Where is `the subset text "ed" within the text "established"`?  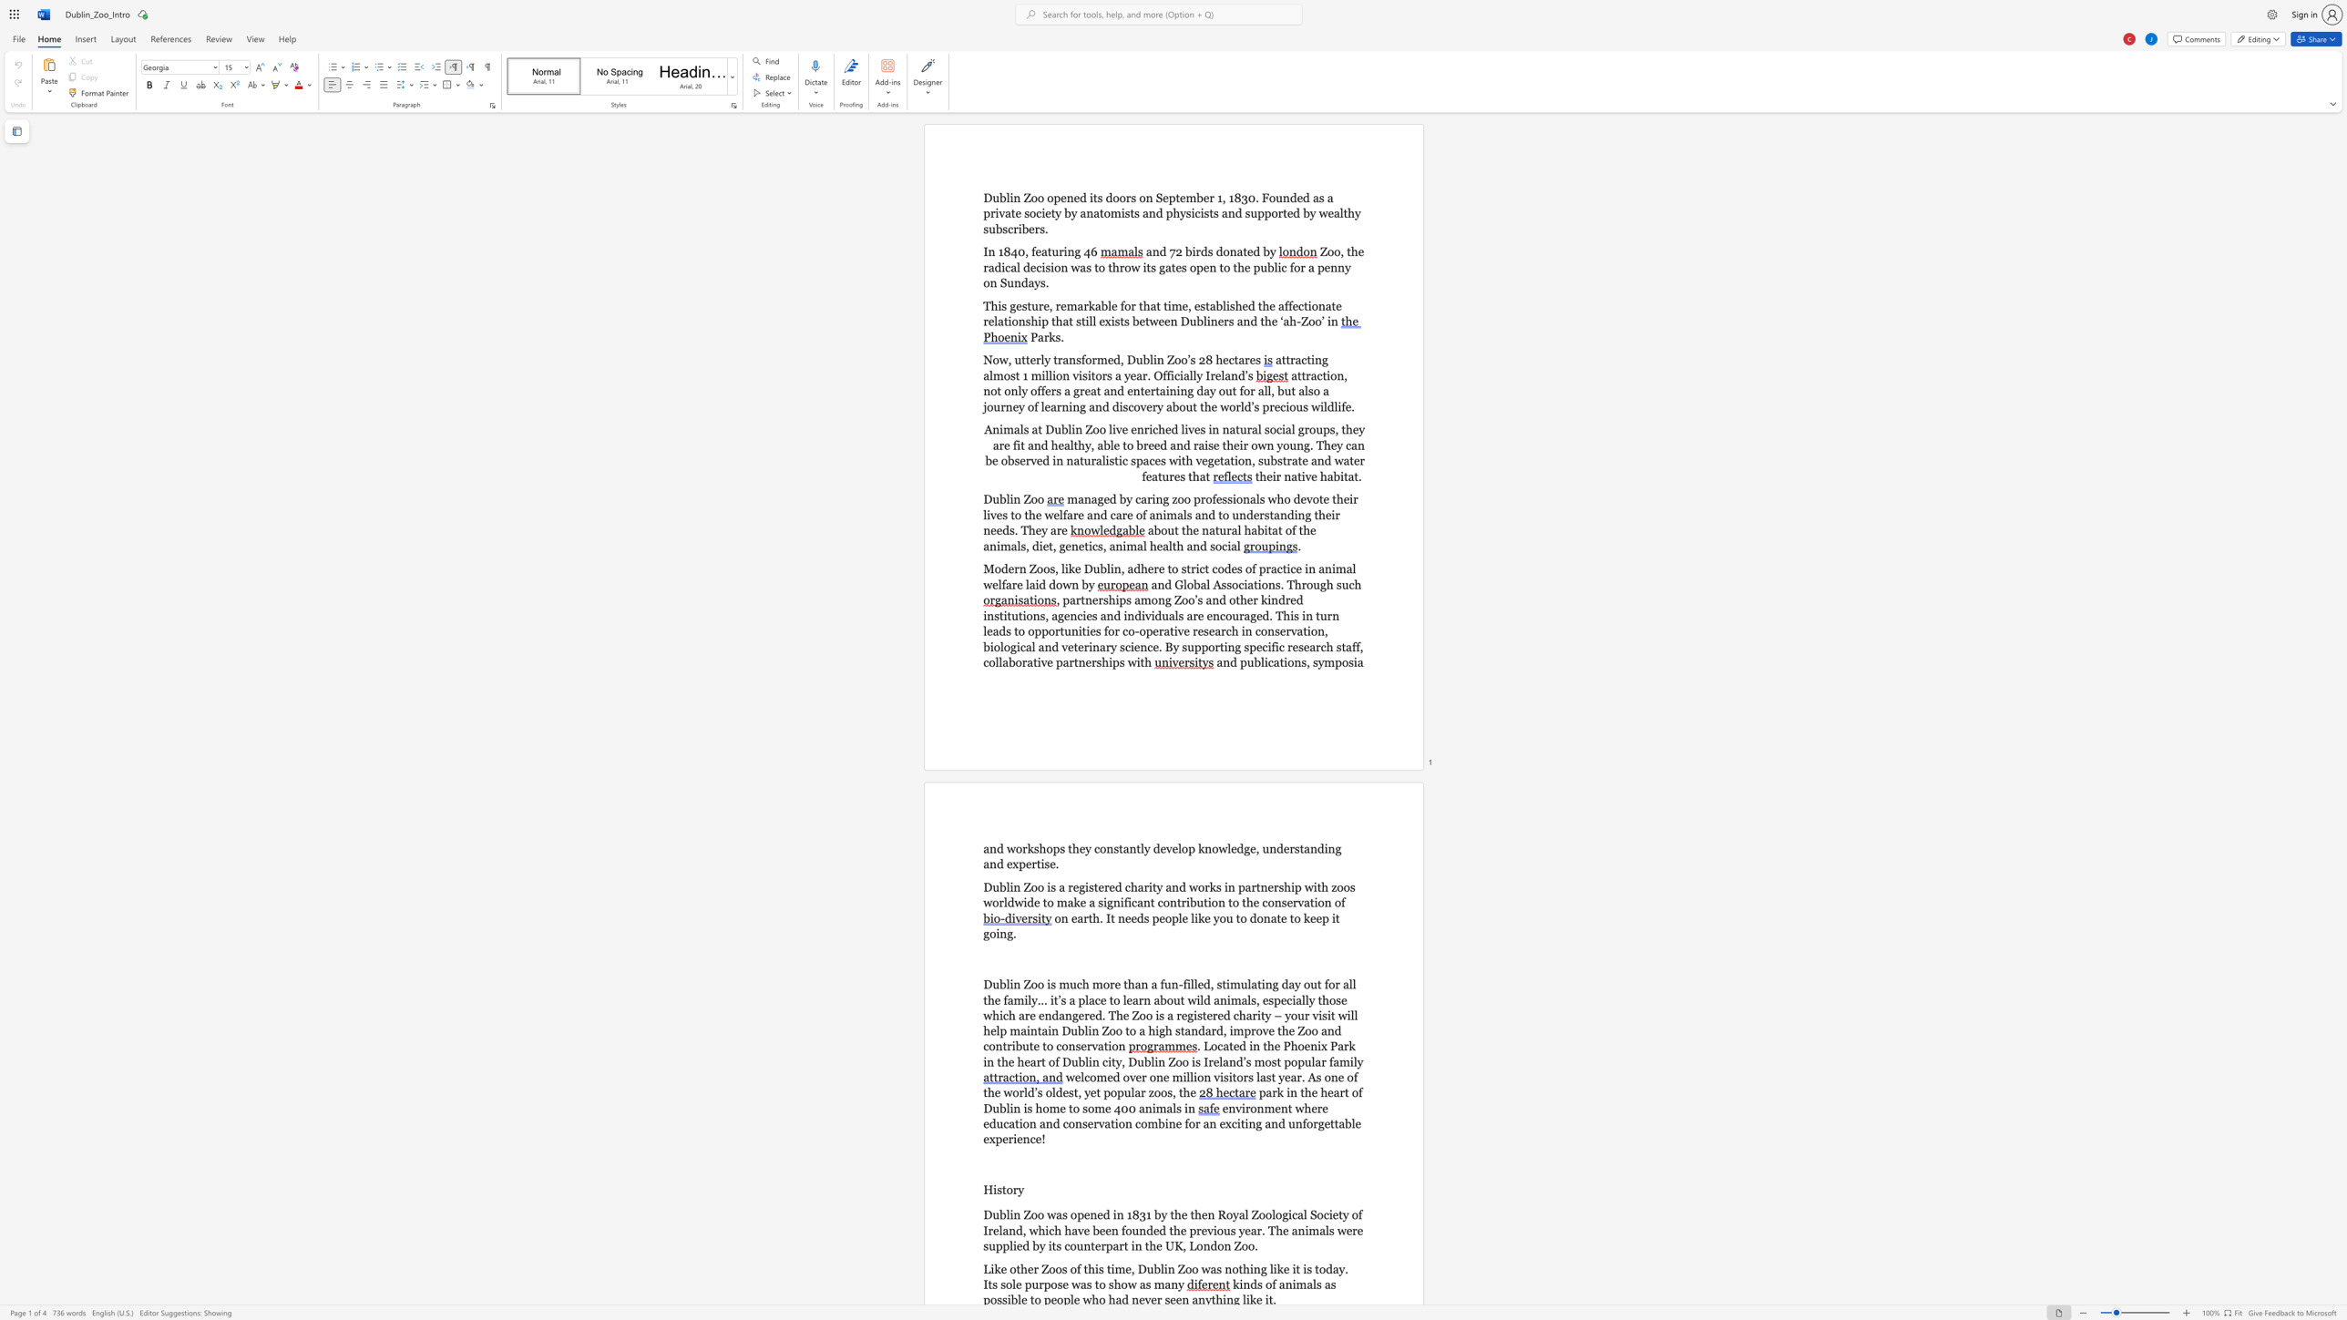 the subset text "ed" within the text "established" is located at coordinates (1241, 305).